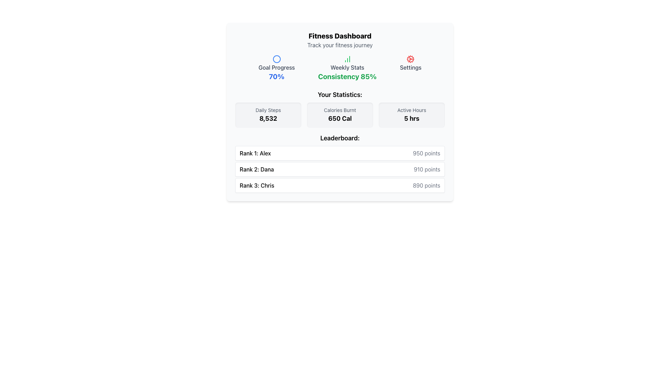  Describe the element at coordinates (340, 109) in the screenshot. I see `the 'Calories Burnt' section of the fitness stat card, which is positioned beneath the 'Your Statistics:' heading and is the third major section in the layout` at that location.